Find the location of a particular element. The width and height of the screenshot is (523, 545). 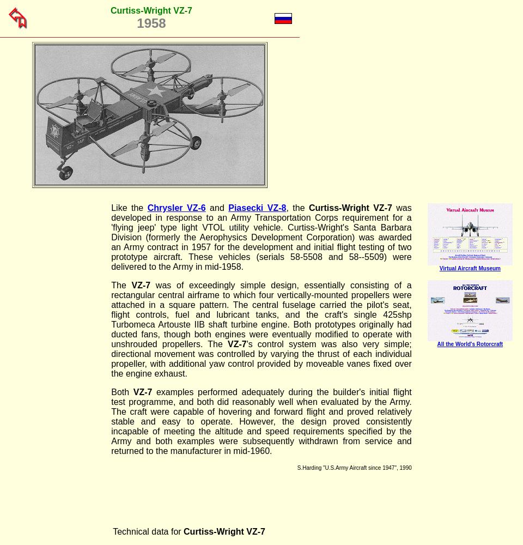

'Both' is located at coordinates (121, 391).